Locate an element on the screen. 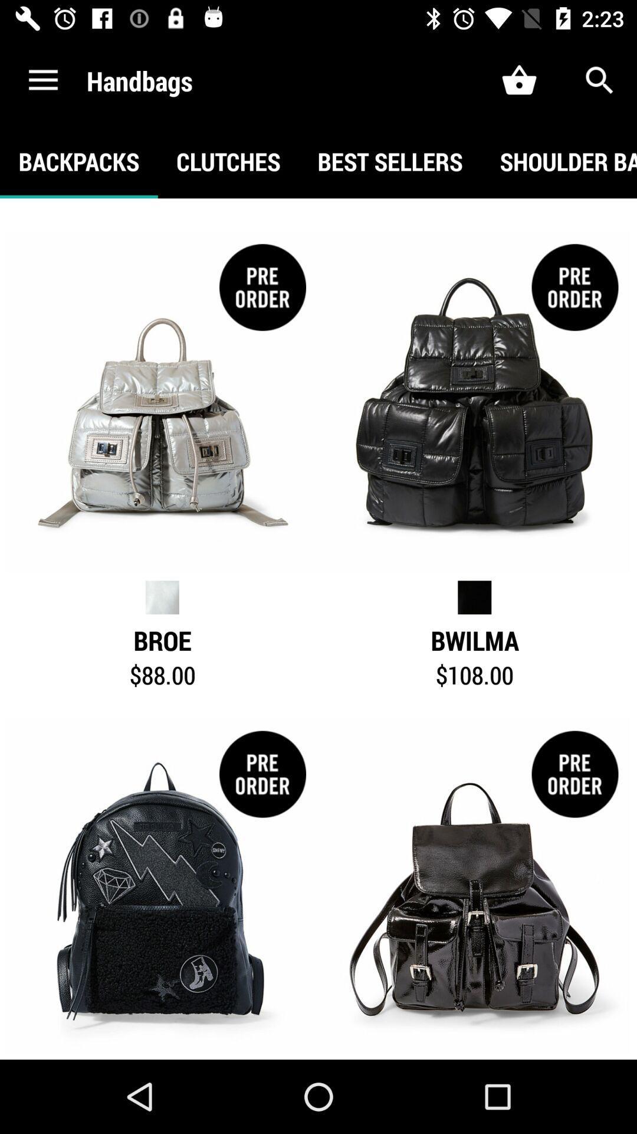 The image size is (637, 1134). icon next to the handbags is located at coordinates (42, 80).